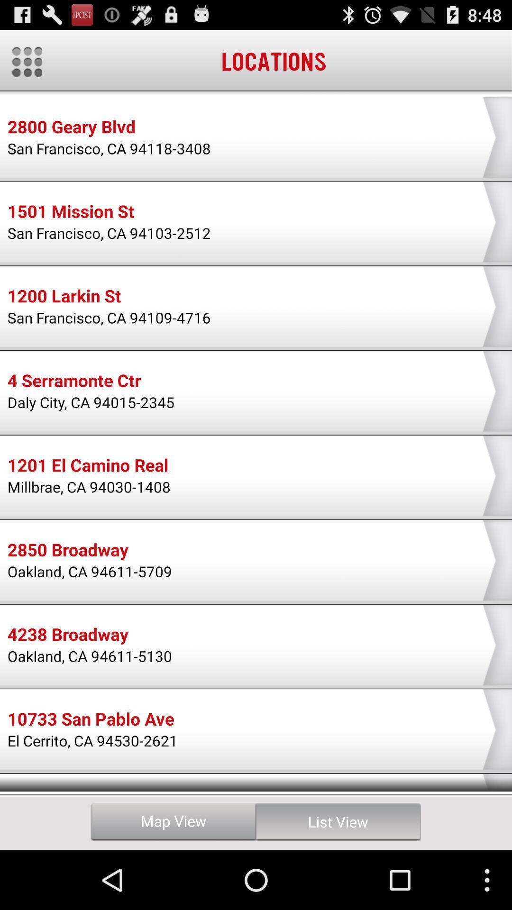 This screenshot has width=512, height=910. I want to click on the 4238 broadway, so click(67, 636).